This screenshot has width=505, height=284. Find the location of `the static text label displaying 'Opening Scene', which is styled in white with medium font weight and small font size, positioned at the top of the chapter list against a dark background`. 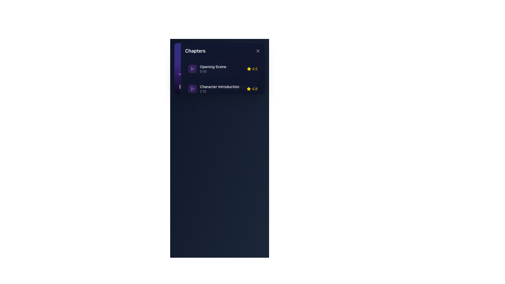

the static text label displaying 'Opening Scene', which is styled in white with medium font weight and small font size, positioned at the top of the chapter list against a dark background is located at coordinates (213, 67).